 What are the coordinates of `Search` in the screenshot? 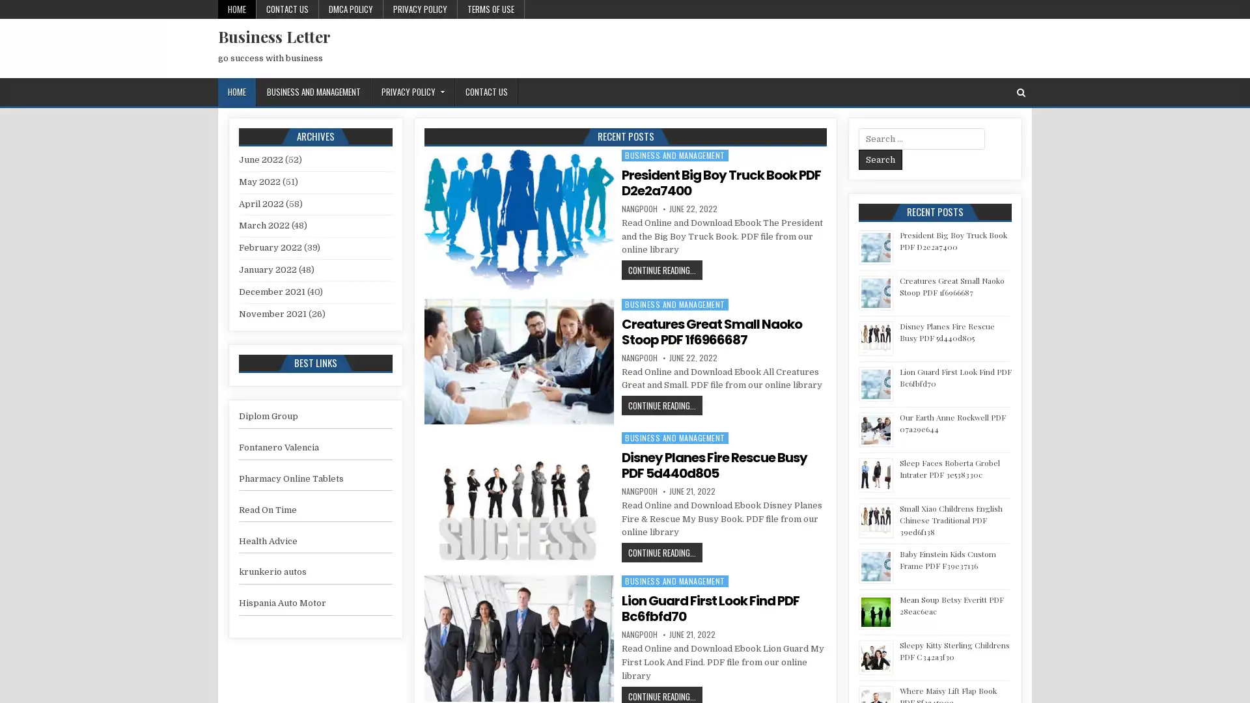 It's located at (880, 159).